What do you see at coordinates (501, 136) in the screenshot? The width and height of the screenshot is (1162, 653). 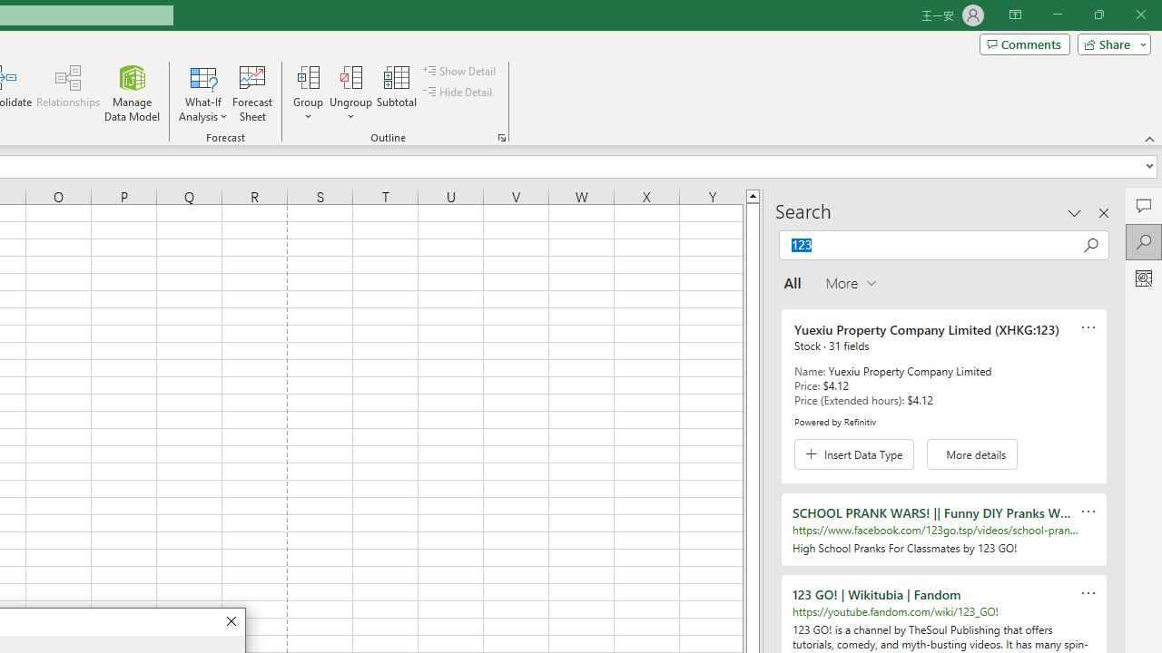 I see `'Group and Outline Settings'` at bounding box center [501, 136].